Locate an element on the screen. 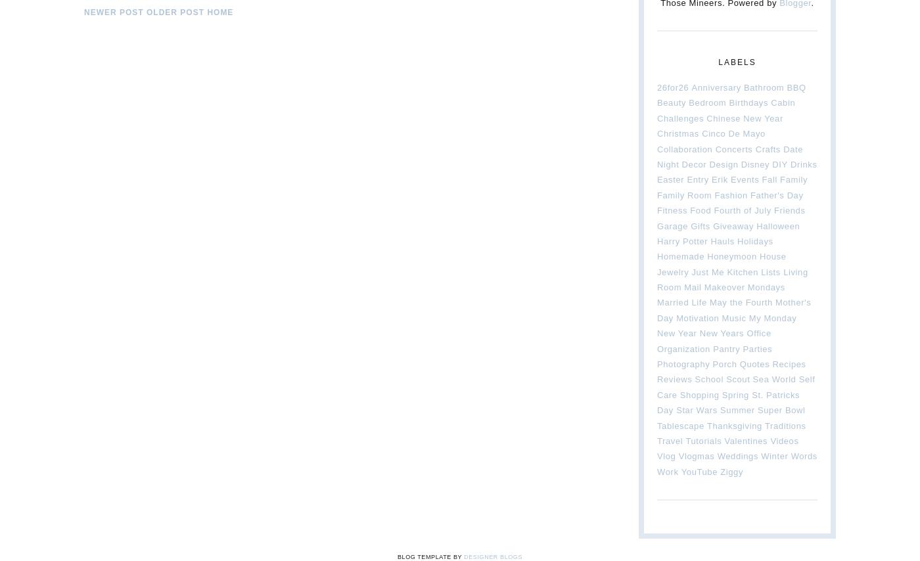 This screenshot has height=561, width=920. 'Honeymoon' is located at coordinates (731, 256).